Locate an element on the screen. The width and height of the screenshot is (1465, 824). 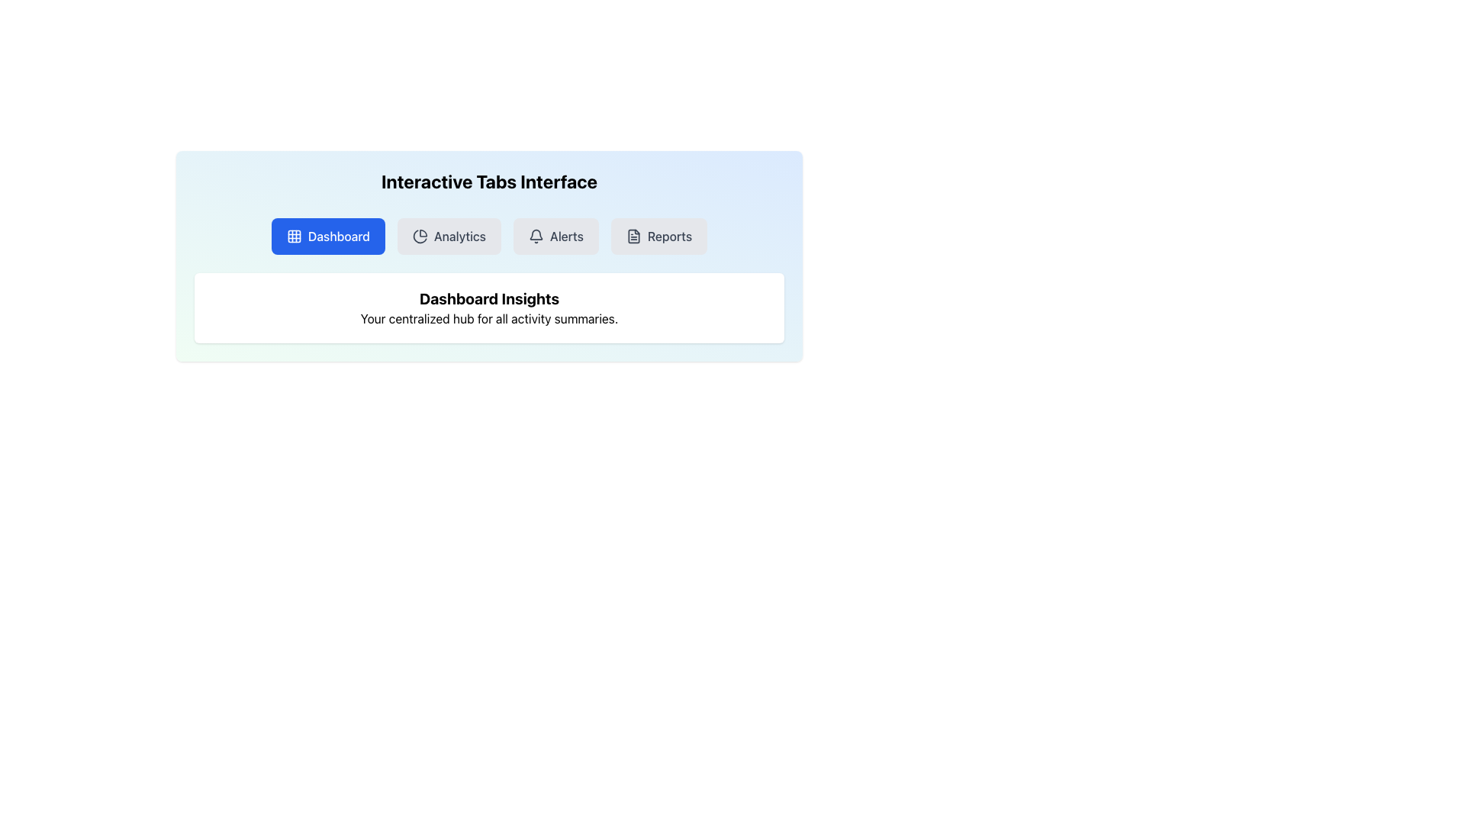
the 'Alerts' tab button, which has a gray background, rounded edges, and a bell icon indicating notifications is located at coordinates (555, 236).